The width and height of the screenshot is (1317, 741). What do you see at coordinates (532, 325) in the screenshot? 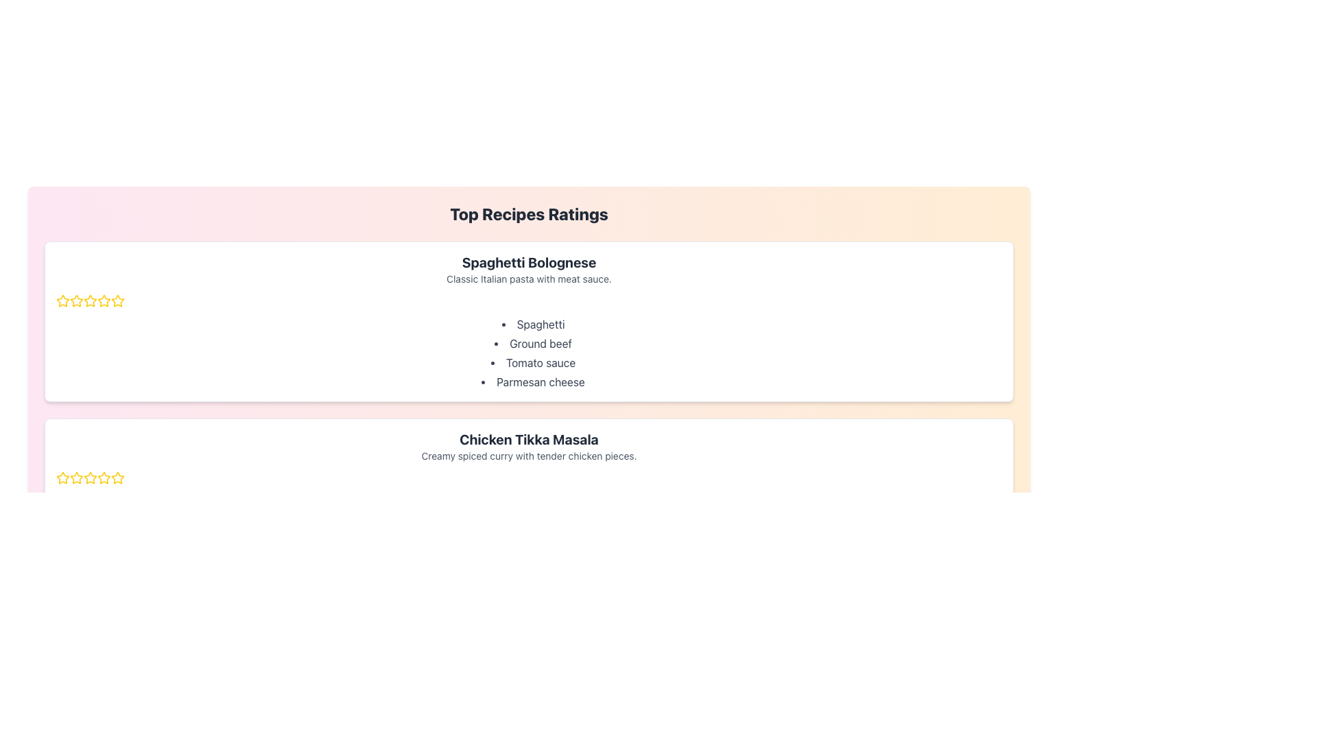
I see `the text item displaying 'Spaghetti', which is the first item in the bulleted list under 'Top Recipes Ratings'` at bounding box center [532, 325].